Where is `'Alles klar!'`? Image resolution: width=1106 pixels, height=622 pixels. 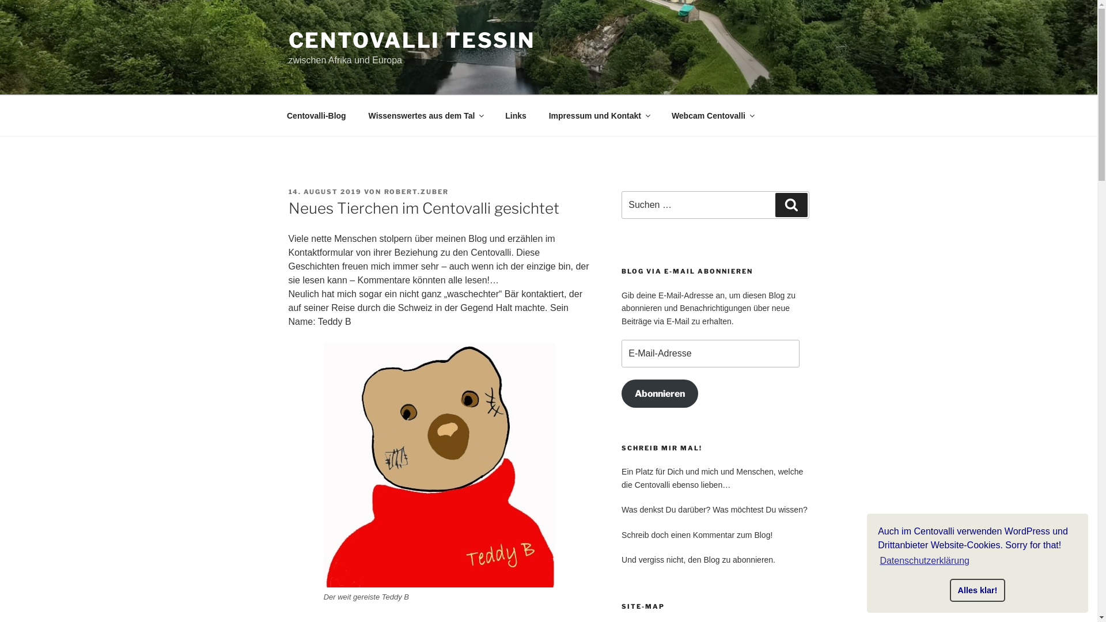 'Alles klar!' is located at coordinates (977, 590).